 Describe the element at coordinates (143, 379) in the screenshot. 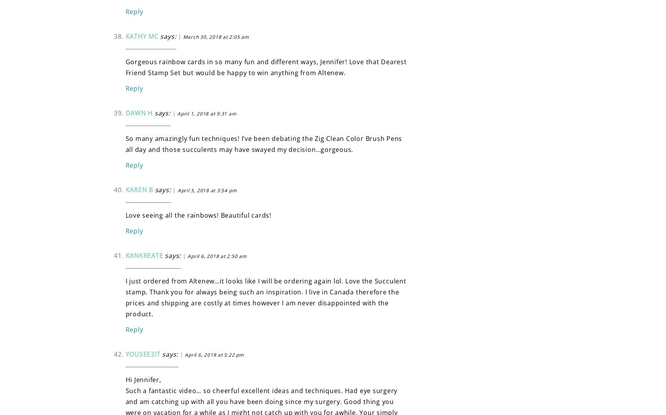

I see `'Hi Jennifer,'` at that location.